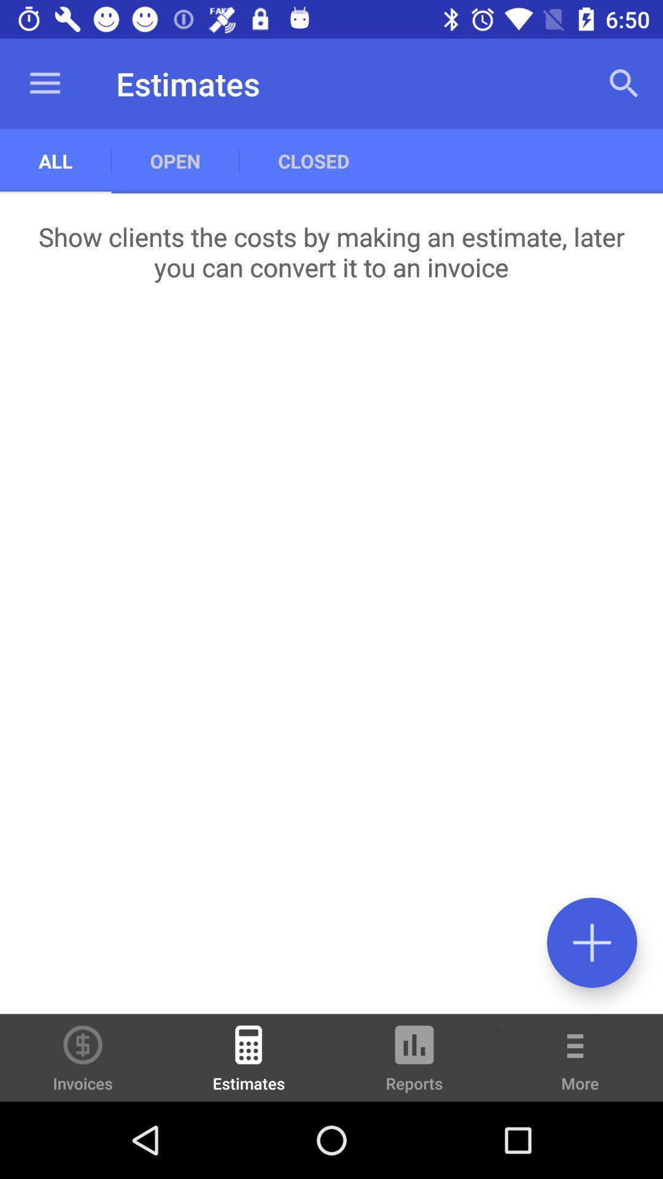  I want to click on the item below the estimates item, so click(313, 160).